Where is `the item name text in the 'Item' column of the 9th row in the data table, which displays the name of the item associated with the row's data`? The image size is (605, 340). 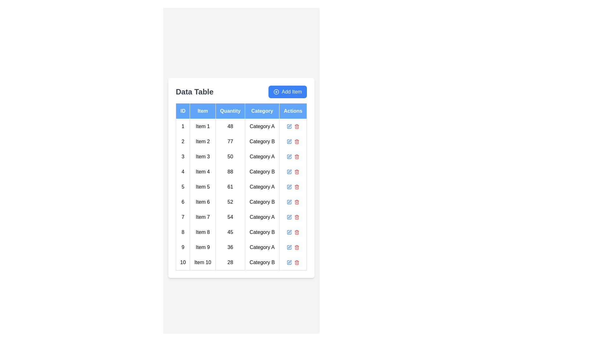 the item name text in the 'Item' column of the 9th row in the data table, which displays the name of the item associated with the row's data is located at coordinates (203, 247).